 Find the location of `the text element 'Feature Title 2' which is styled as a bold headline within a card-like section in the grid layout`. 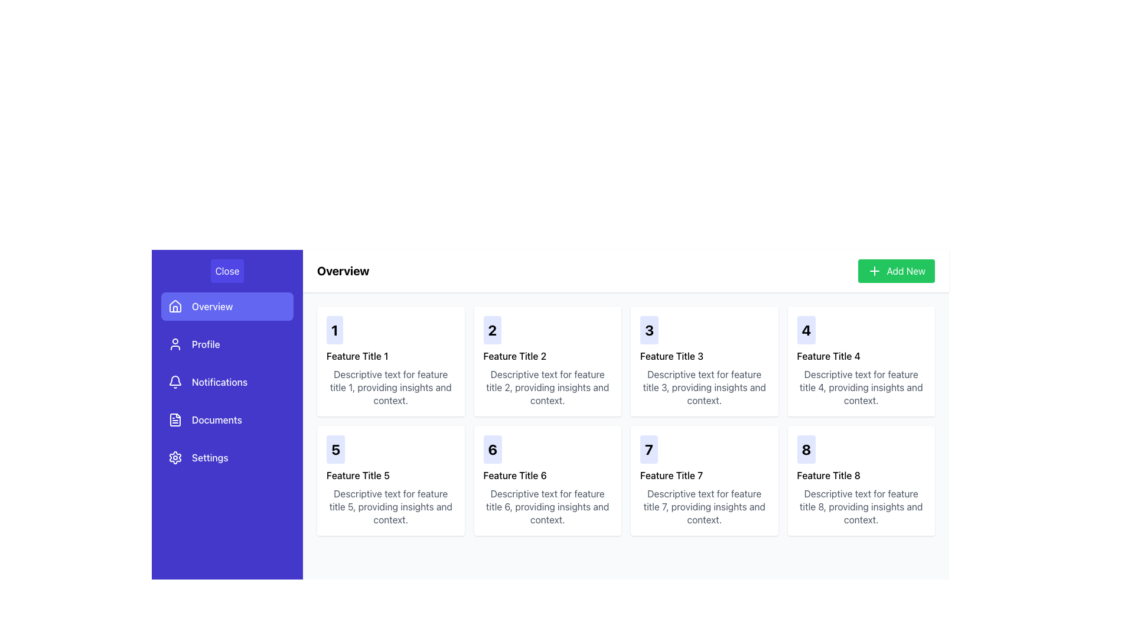

the text element 'Feature Title 2' which is styled as a bold headline within a card-like section in the grid layout is located at coordinates (514, 355).